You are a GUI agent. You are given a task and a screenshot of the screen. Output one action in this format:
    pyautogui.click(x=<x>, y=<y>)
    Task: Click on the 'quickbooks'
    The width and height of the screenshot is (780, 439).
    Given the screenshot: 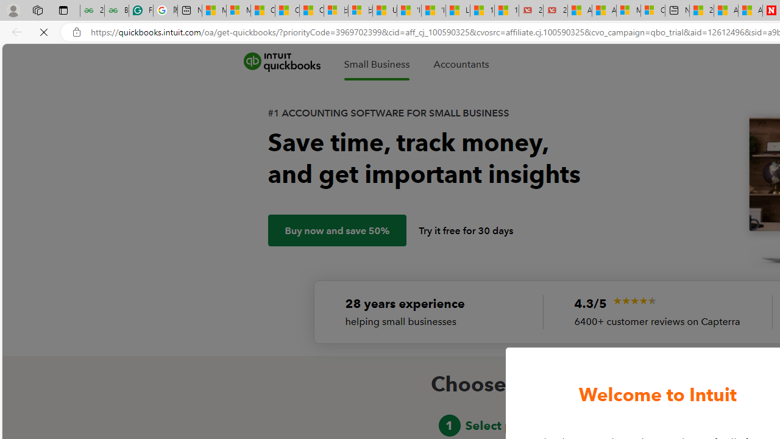 What is the action you would take?
    pyautogui.click(x=281, y=62)
    